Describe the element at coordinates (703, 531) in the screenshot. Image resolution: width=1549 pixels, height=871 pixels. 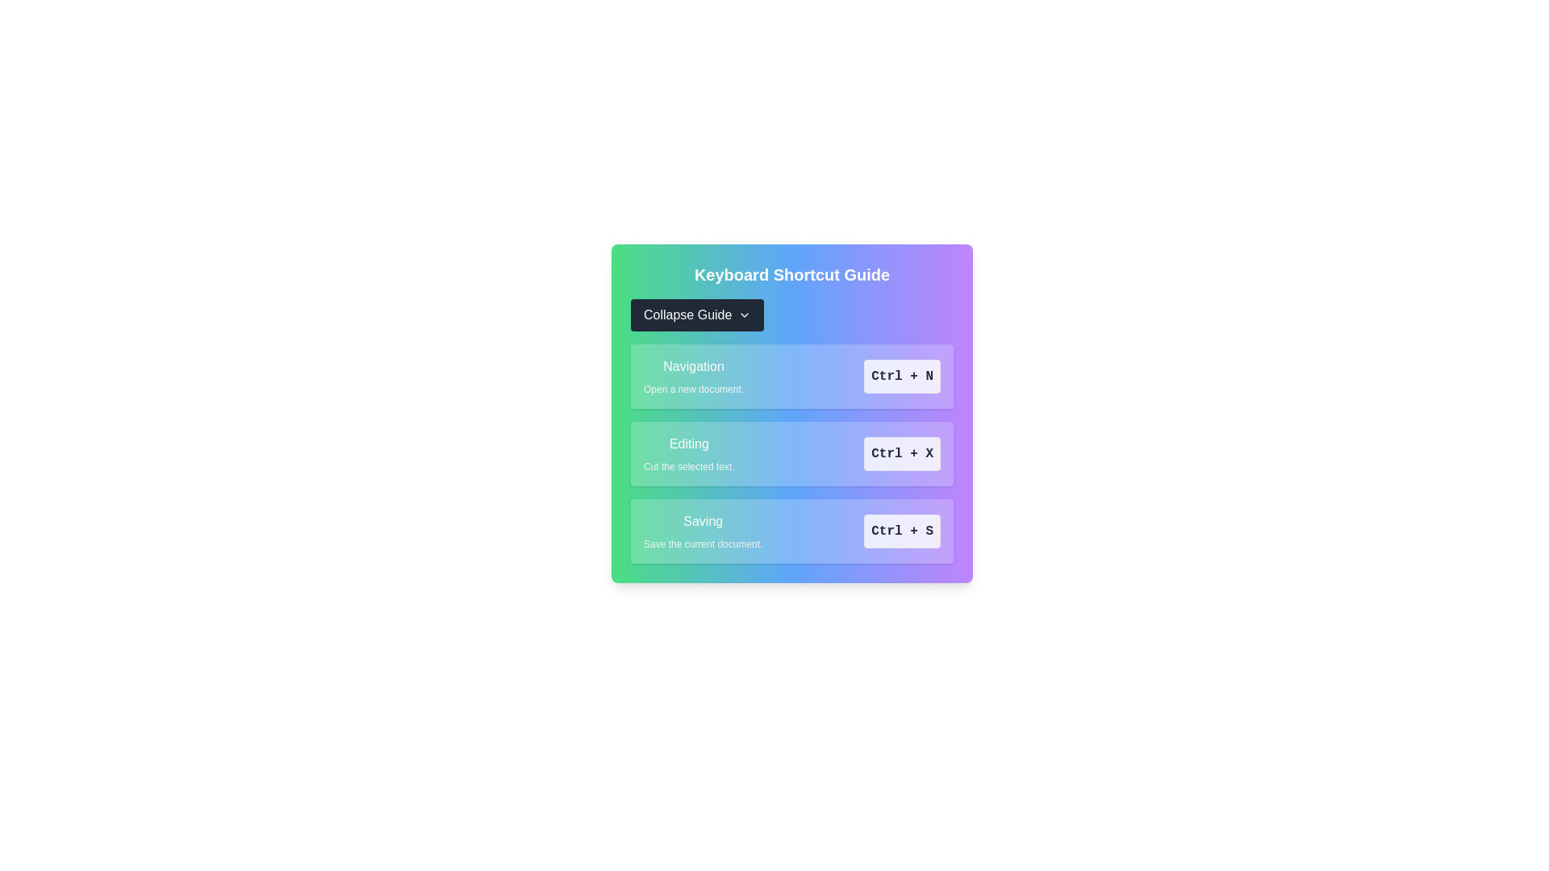
I see `the text block that describes the keyboard shortcut 'Ctrl + S', which is part of a card-like component located at the bottom section of the interface, left of the button labeled 'Ctrl + S'` at that location.